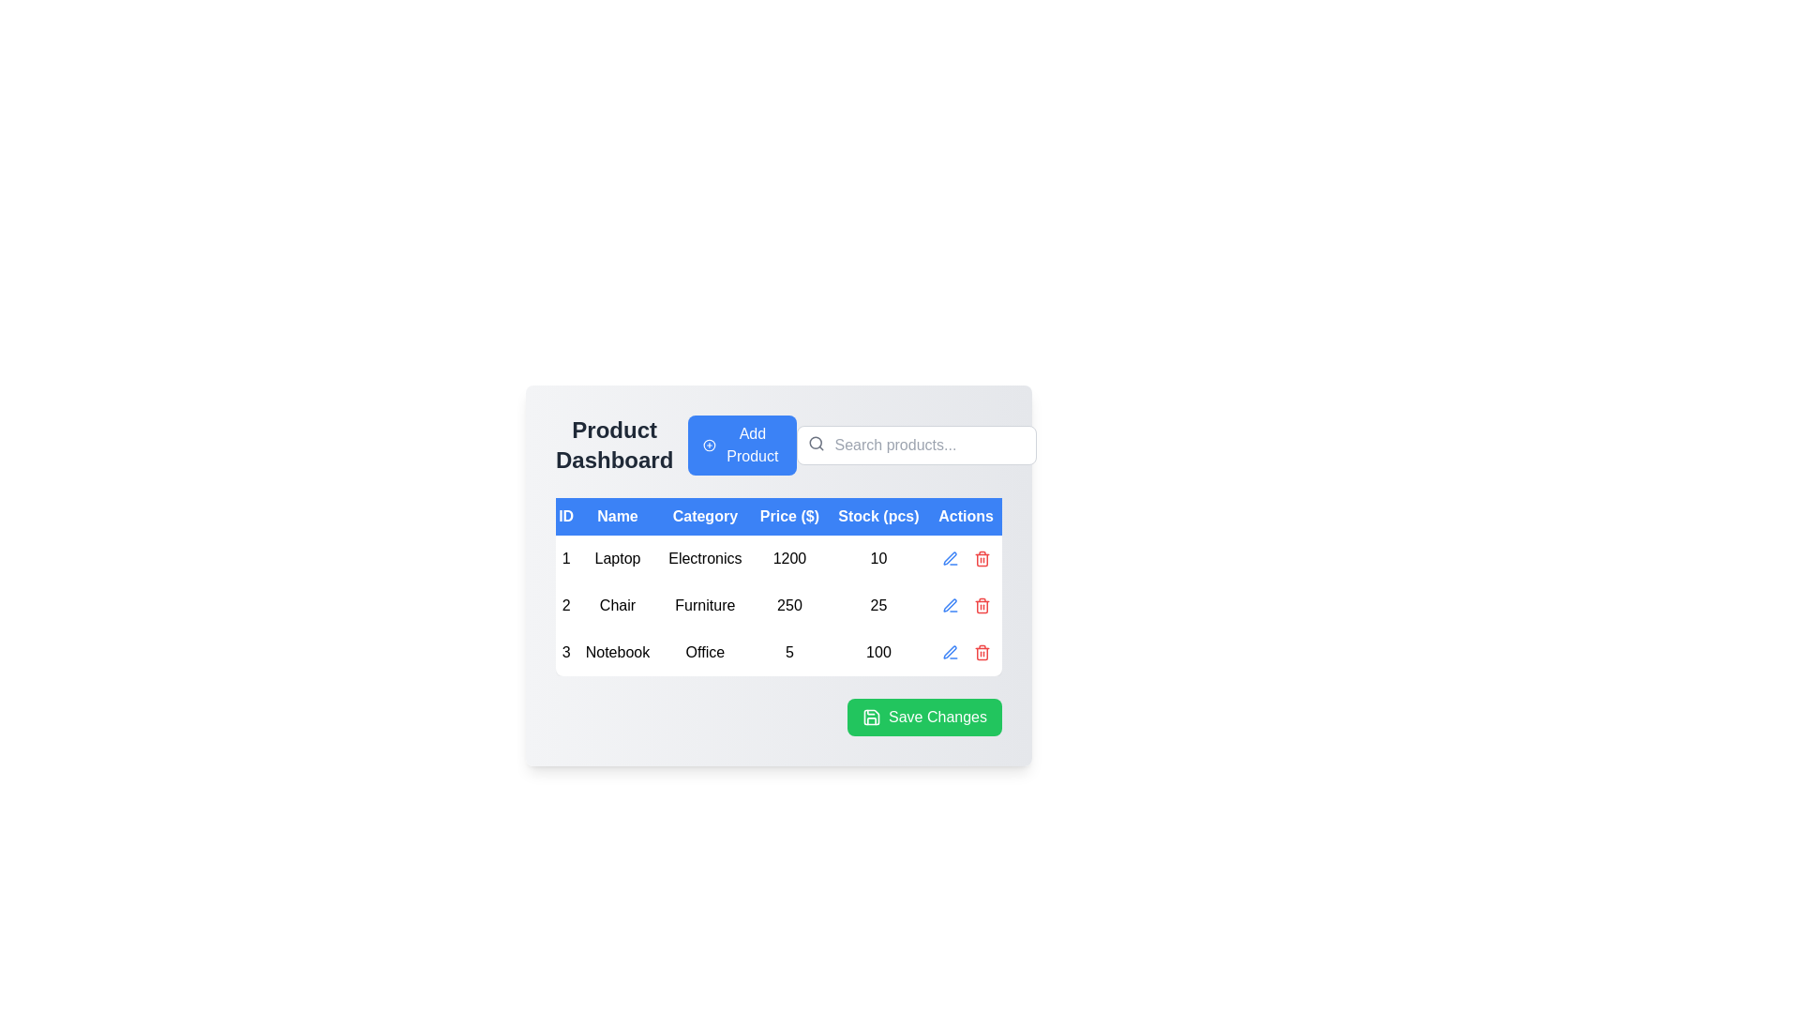 This screenshot has height=1013, width=1800. What do you see at coordinates (924, 717) in the screenshot?
I see `the save button located in the lower-right corner of the footer of the information panel` at bounding box center [924, 717].